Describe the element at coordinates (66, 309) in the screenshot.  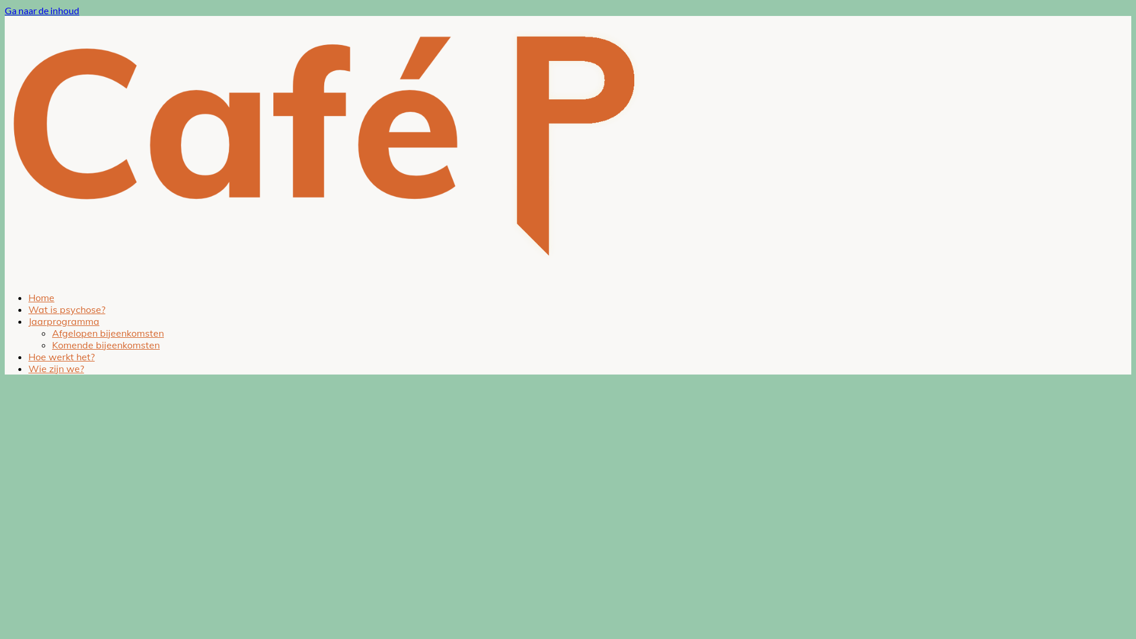
I see `'Wat is psychose?'` at that location.